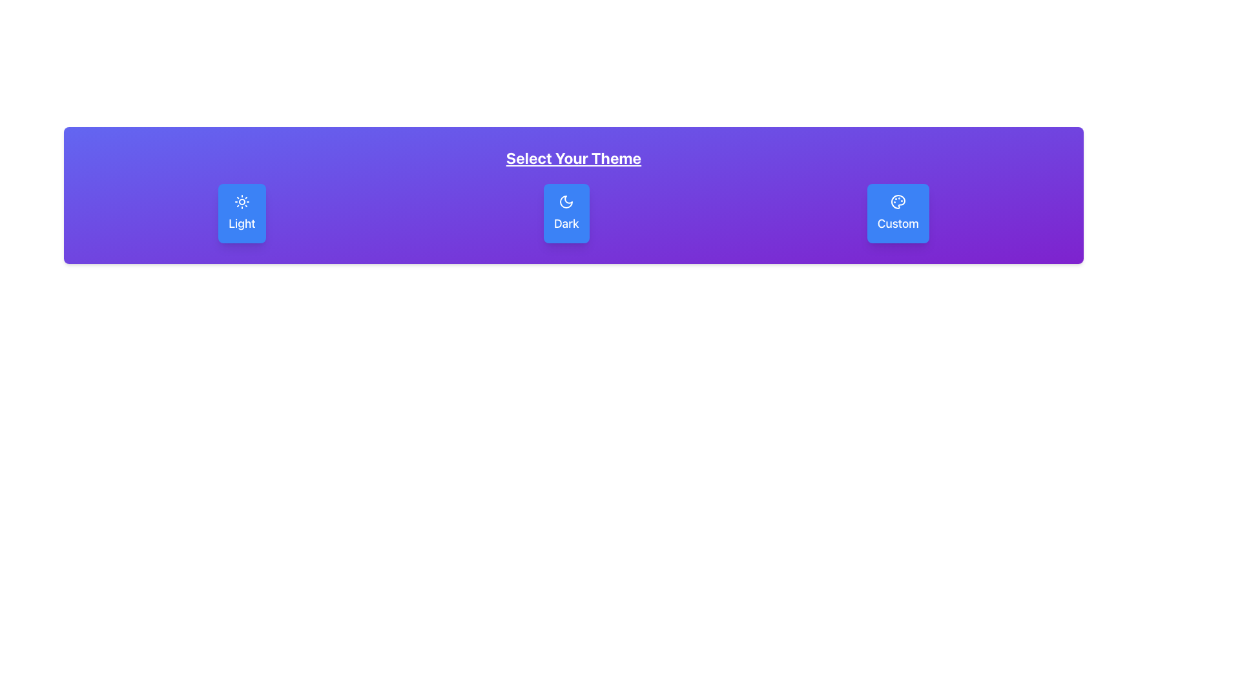 This screenshot has height=697, width=1240. What do you see at coordinates (566, 213) in the screenshot?
I see `the 'Dark' theme button located at the center of the horizontal row under the 'Select Your Theme' headline` at bounding box center [566, 213].